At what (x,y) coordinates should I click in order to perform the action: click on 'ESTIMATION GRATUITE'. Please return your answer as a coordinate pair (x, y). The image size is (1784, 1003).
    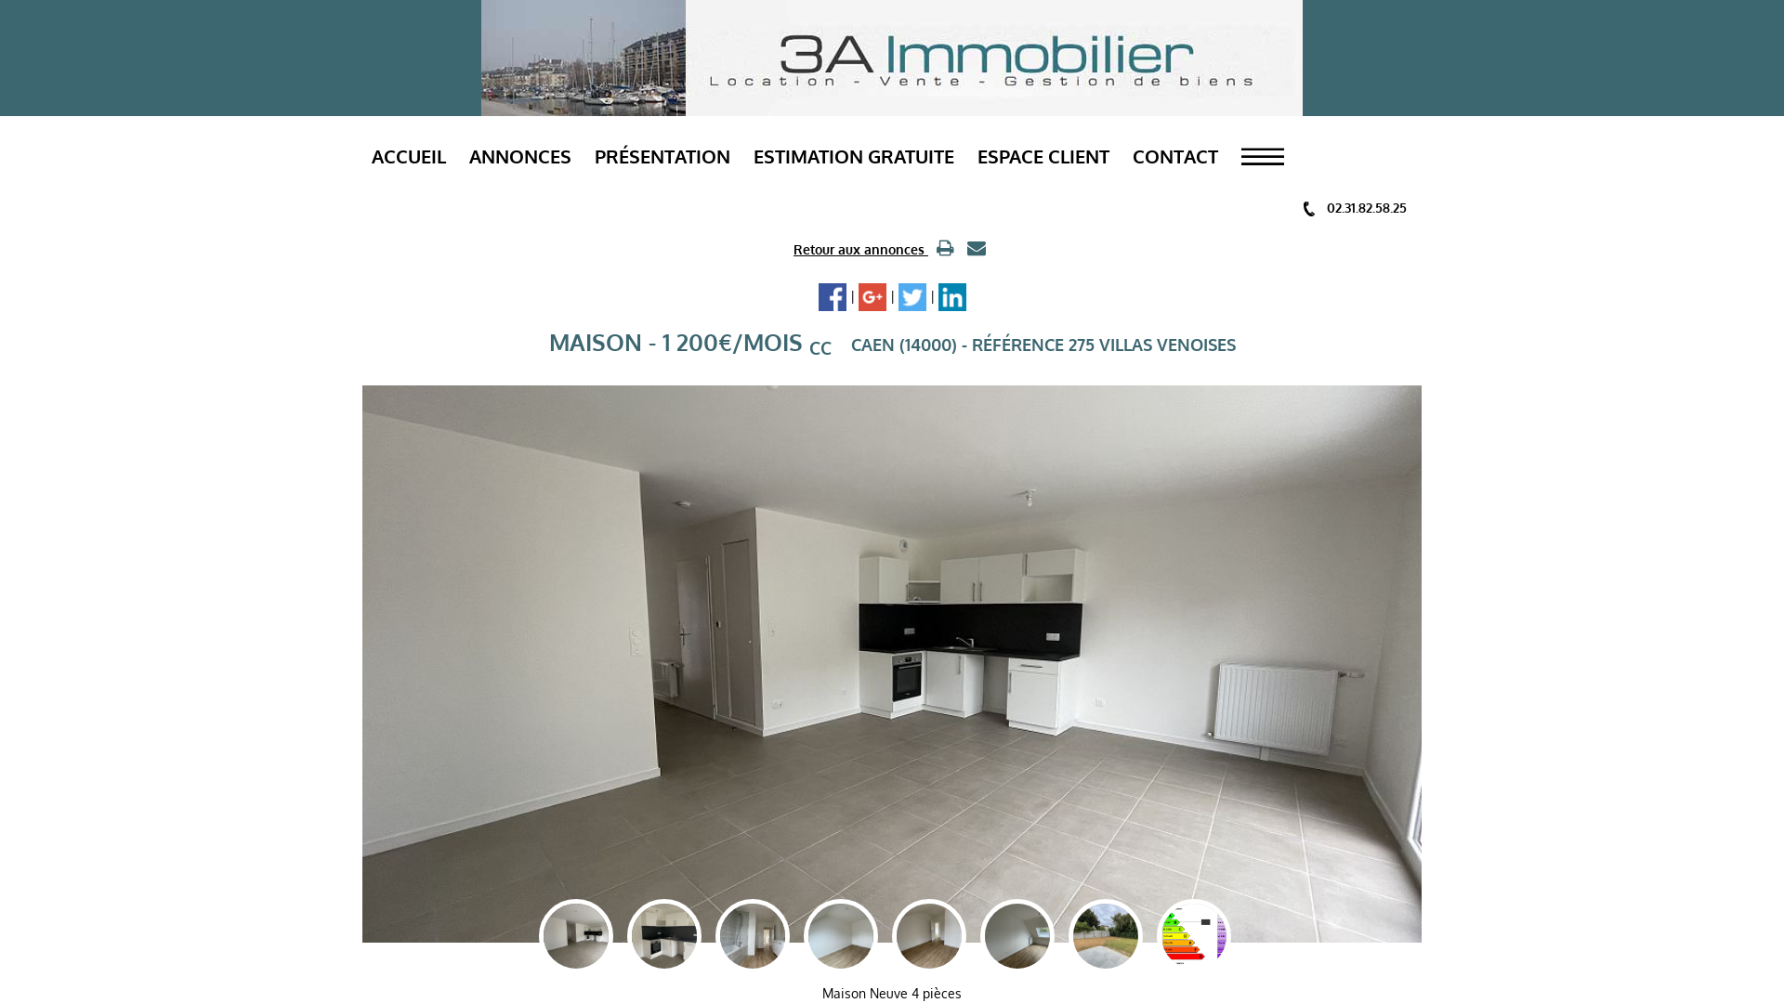
    Looking at the image, I should click on (852, 155).